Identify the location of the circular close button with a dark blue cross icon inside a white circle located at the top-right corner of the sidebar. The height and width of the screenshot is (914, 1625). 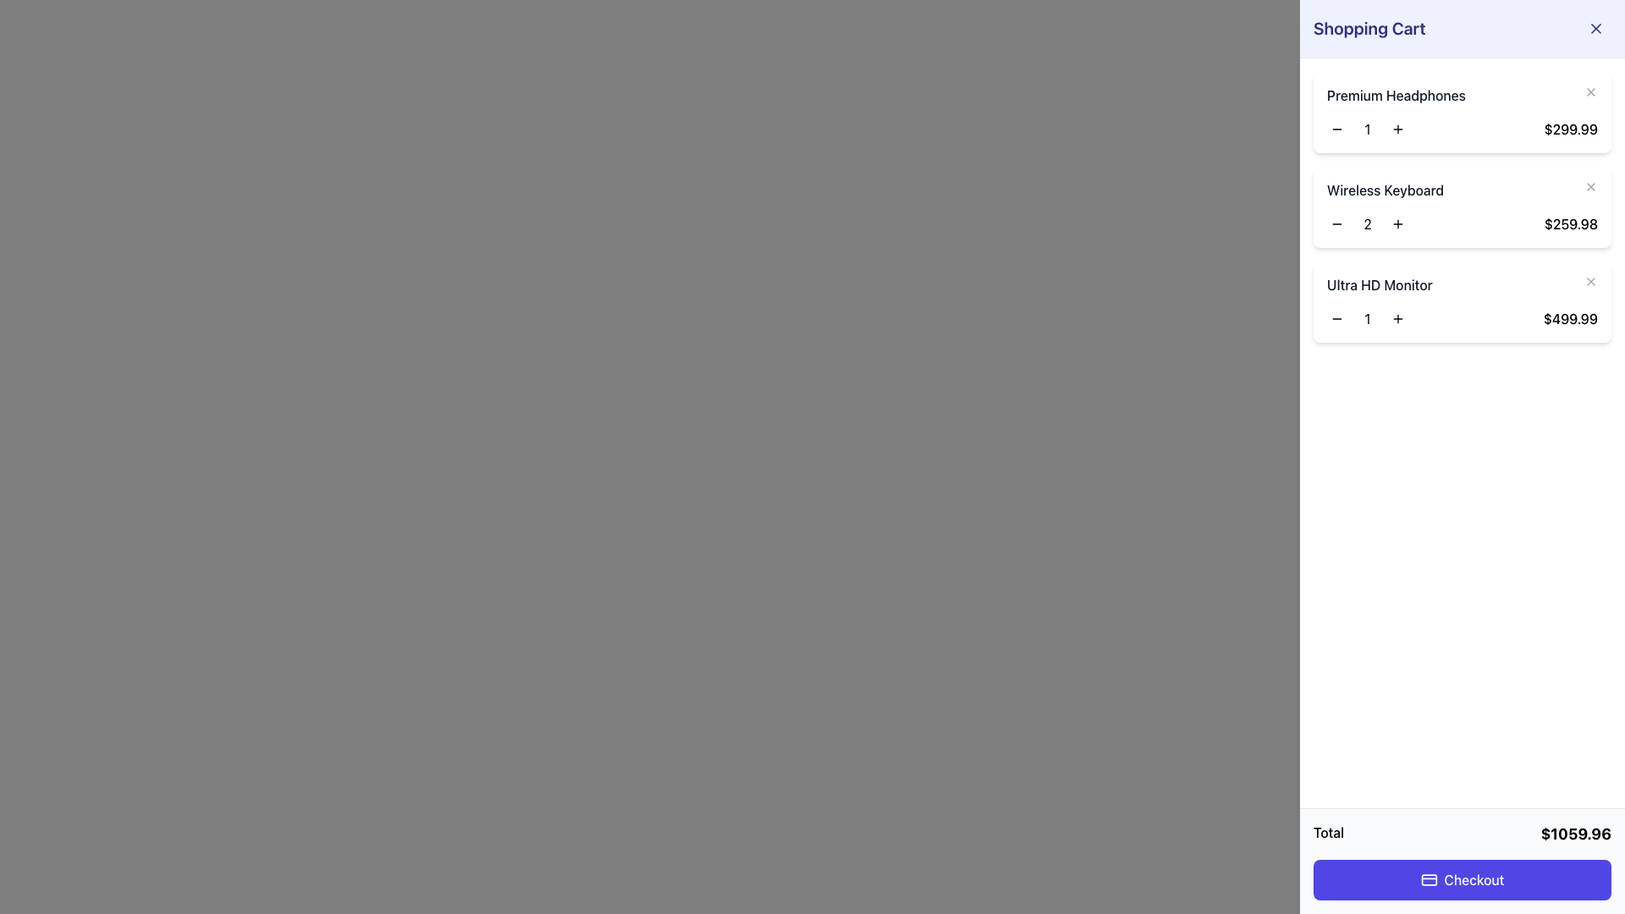
(1593, 30).